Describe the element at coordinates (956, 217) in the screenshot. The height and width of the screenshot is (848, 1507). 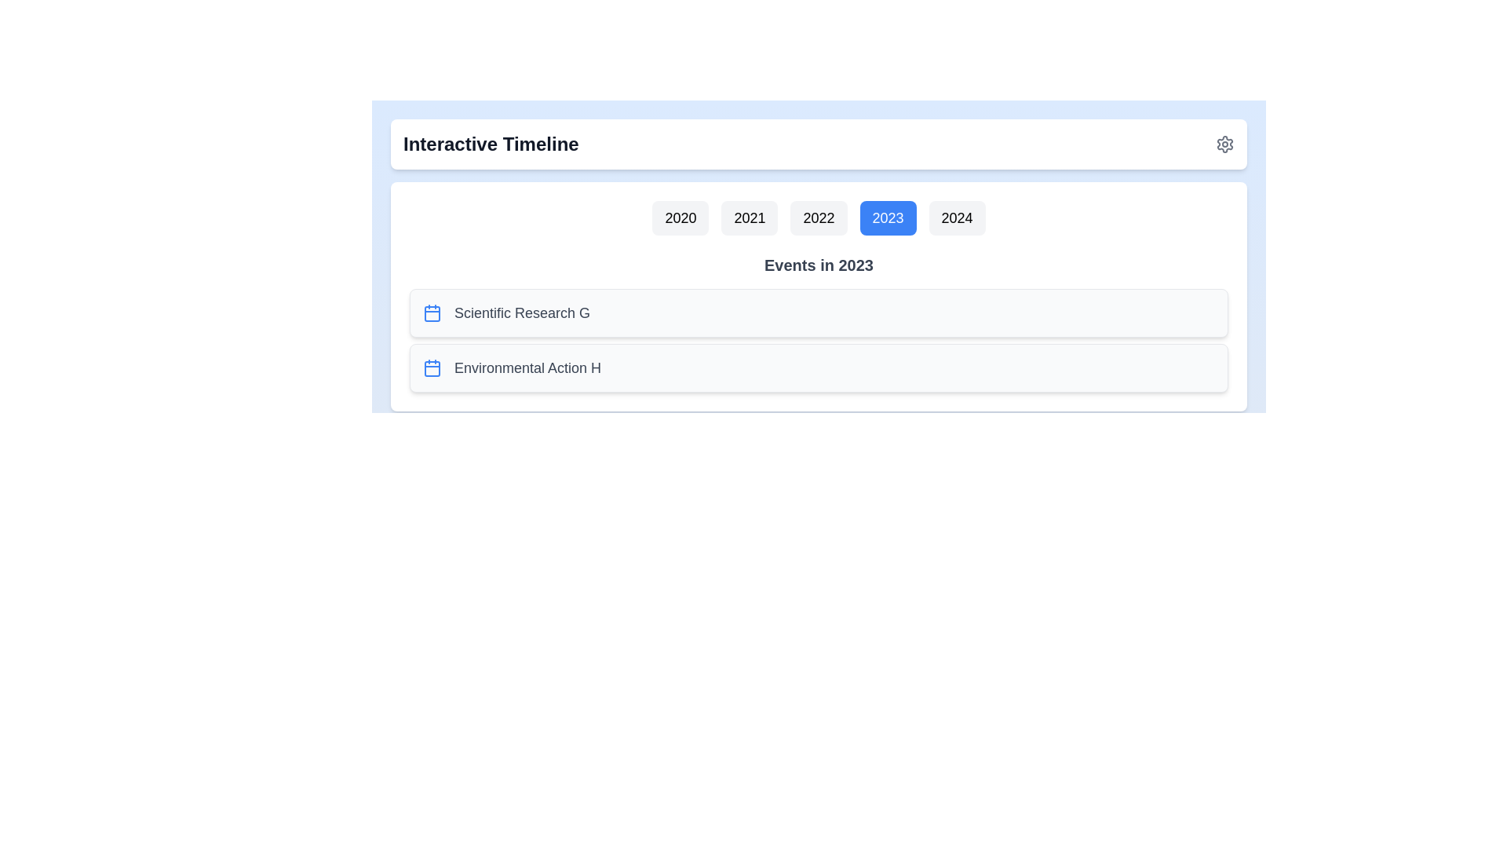
I see `the year button labeled 2024 to select it` at that location.